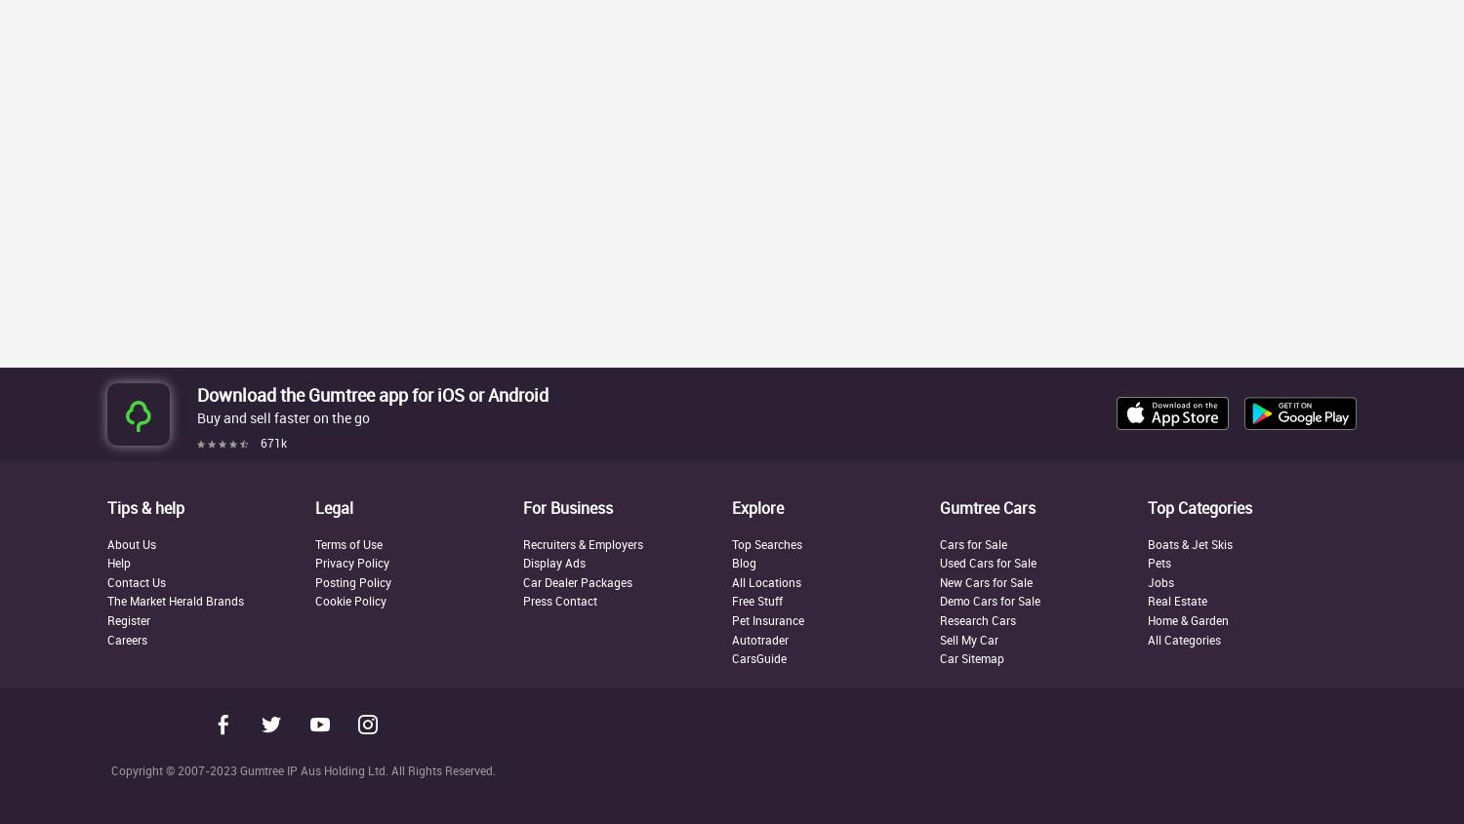  I want to click on 'Pets', so click(1159, 561).